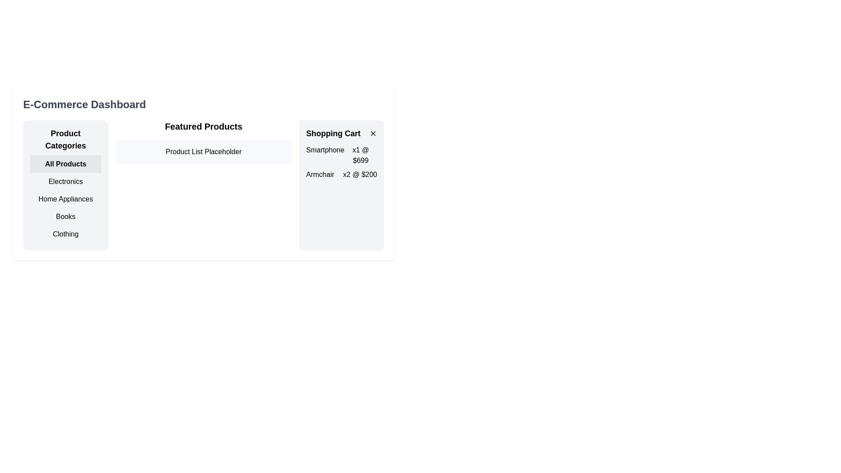 The image size is (841, 473). What do you see at coordinates (360, 155) in the screenshot?
I see `the Text Display showing 'x1 @ $699' in the shopping cart section, aligned to the right of 'Smartphone'` at bounding box center [360, 155].